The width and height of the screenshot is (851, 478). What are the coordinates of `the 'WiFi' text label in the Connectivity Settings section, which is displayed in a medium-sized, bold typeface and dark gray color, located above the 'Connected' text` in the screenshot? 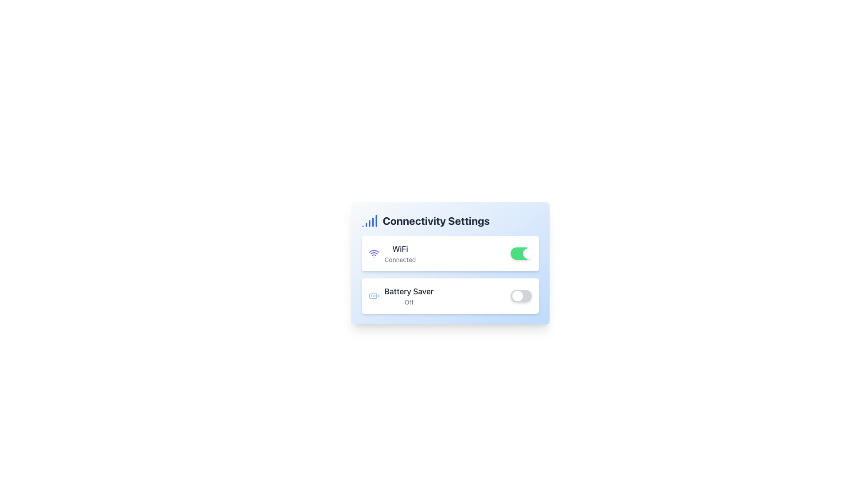 It's located at (399, 249).